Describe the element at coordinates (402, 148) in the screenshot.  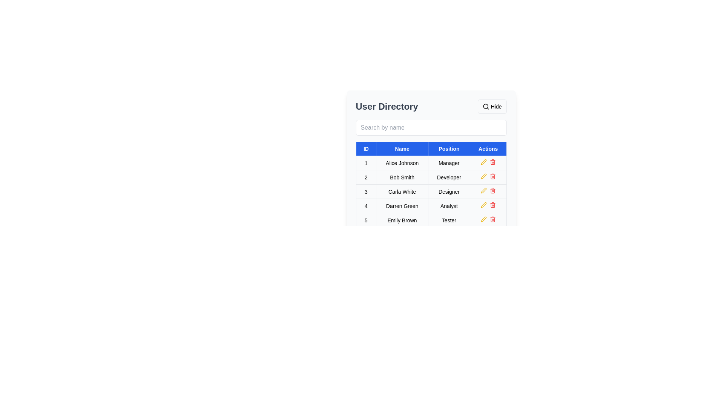
I see `text content of the 'Name' column header, which is a rectangular button or text label with a blue background and white text, located in the second position of a row of column headers in a table` at that location.